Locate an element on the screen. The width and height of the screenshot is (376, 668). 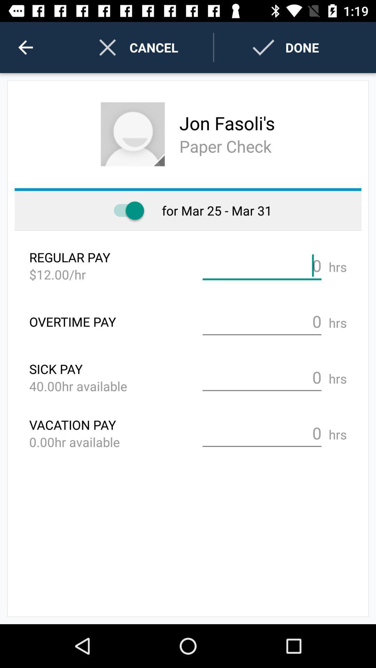
item to the left of the jon fasoli's item is located at coordinates (133, 134).